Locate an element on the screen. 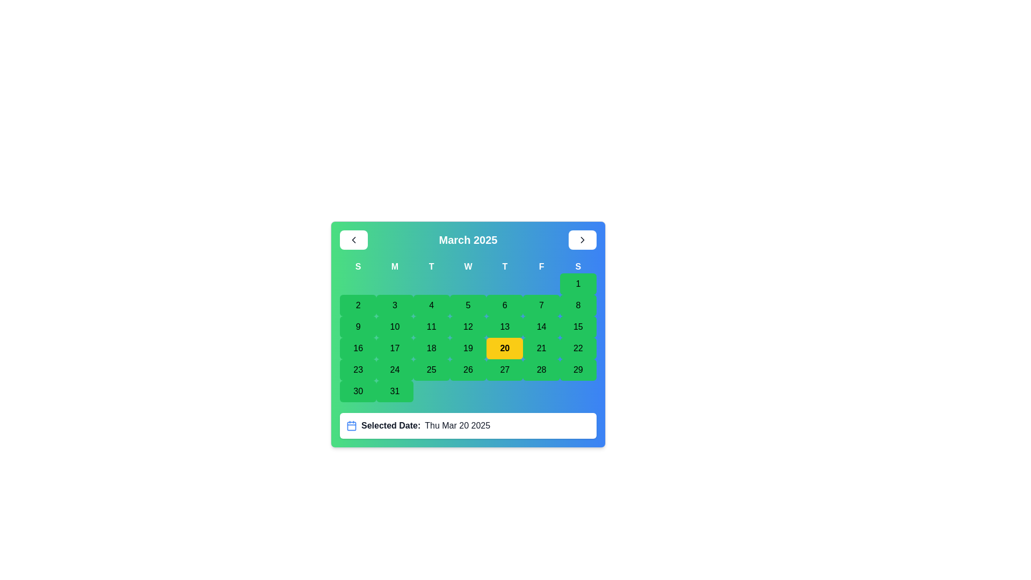  the button representing the 2nd day of the month in the calendar interface is located at coordinates (358, 306).